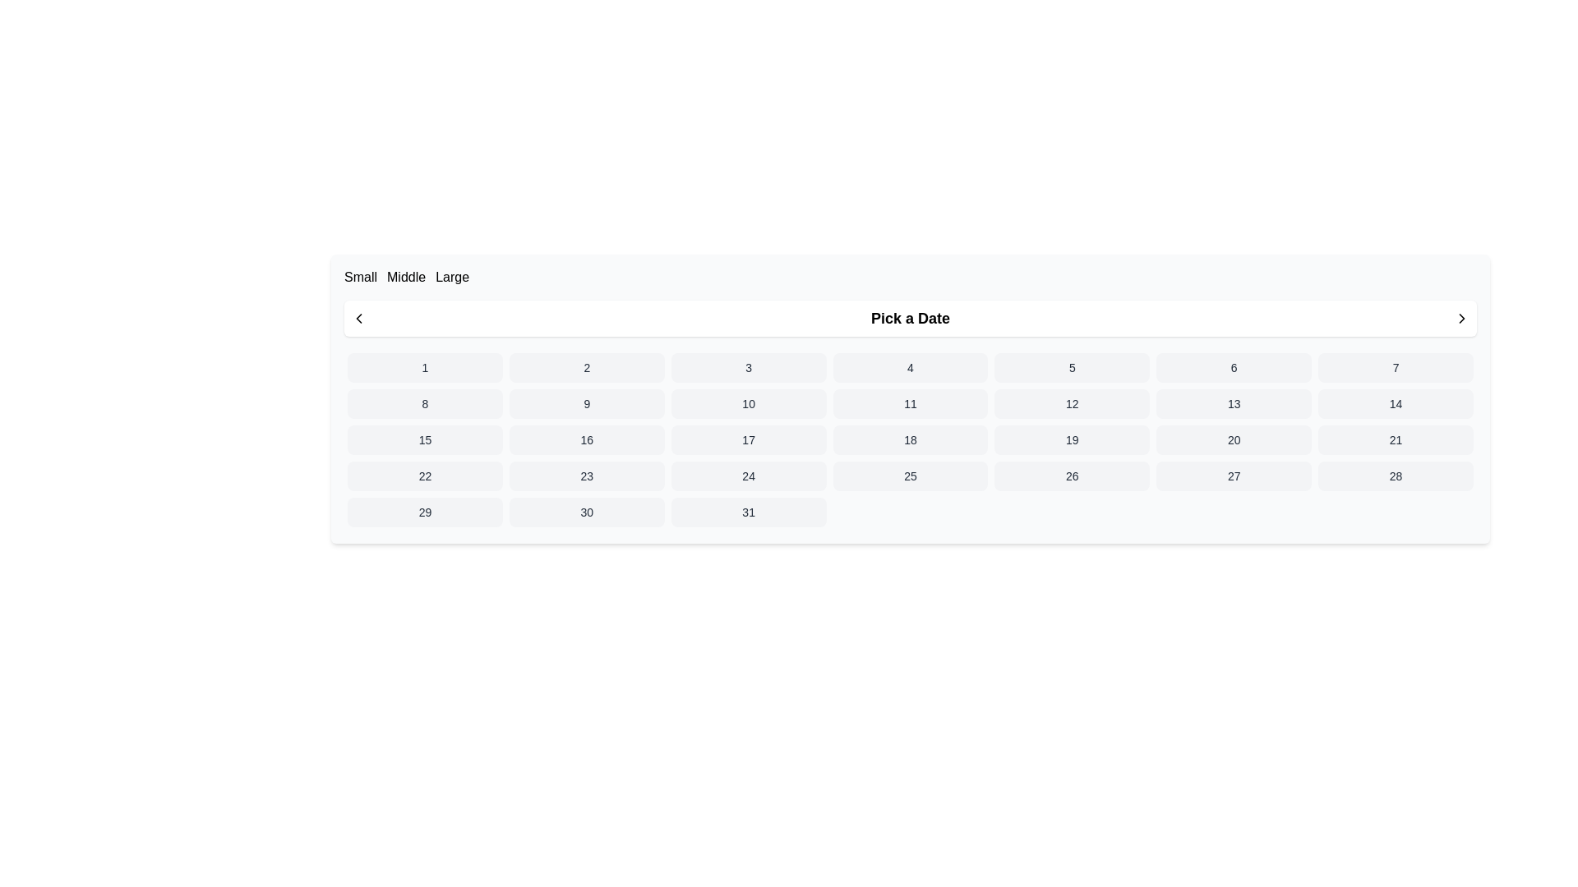 The image size is (1578, 887). I want to click on the button in the fourth row and second column, so click(1234, 439).